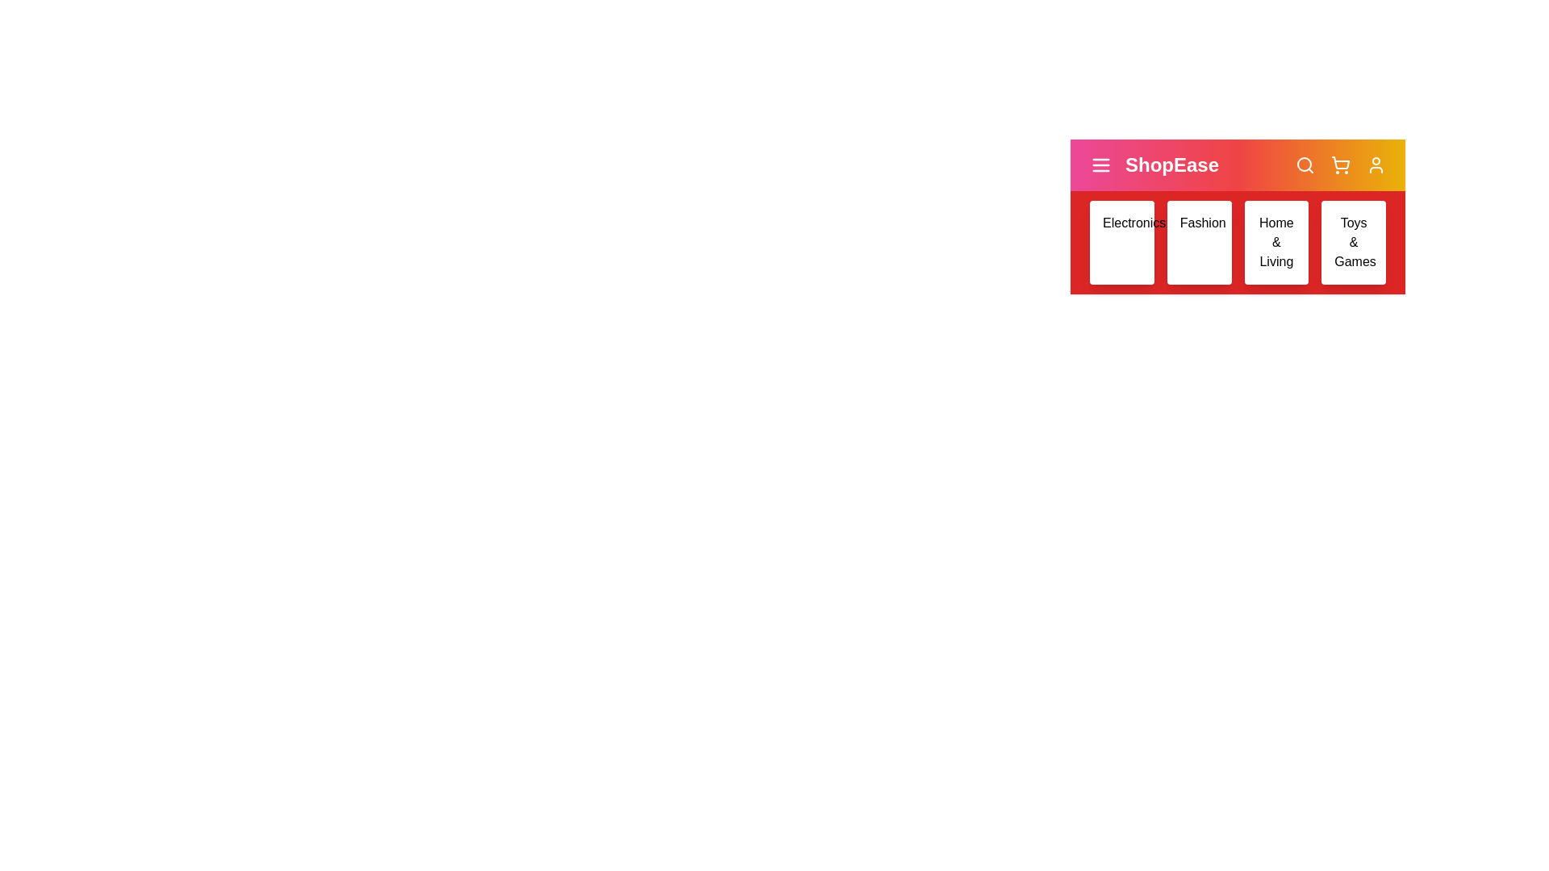  Describe the element at coordinates (1199, 242) in the screenshot. I see `the category Fashion to view its hover effect` at that location.